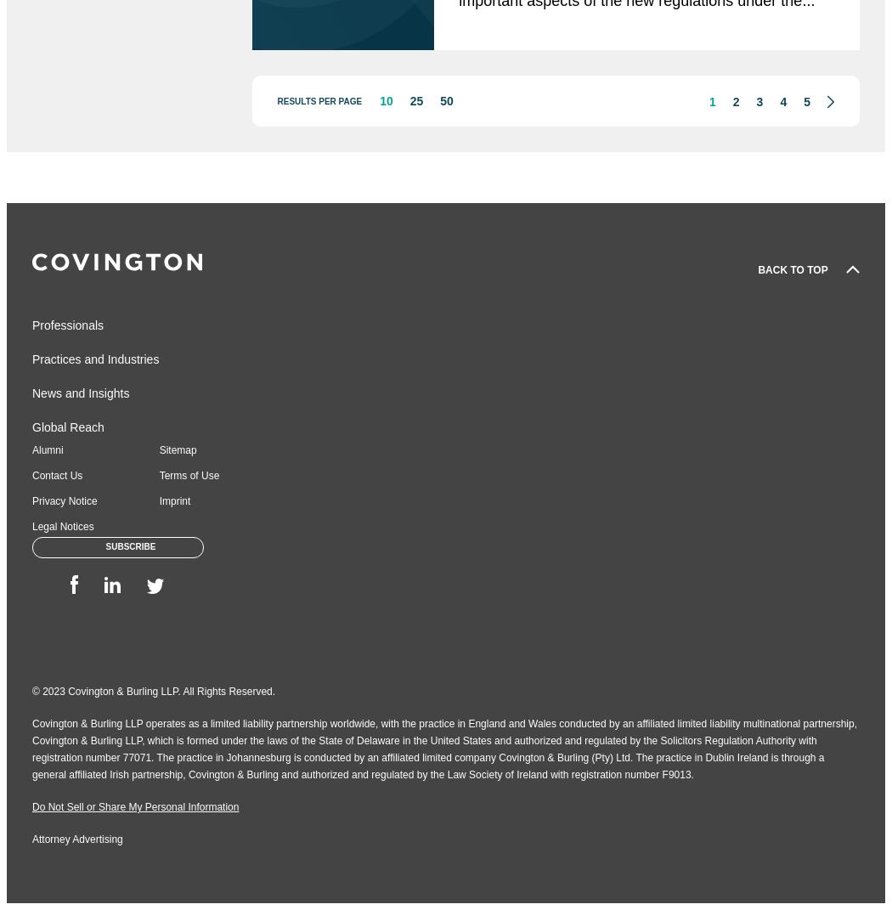 This screenshot has height=910, width=892. Describe the element at coordinates (65, 501) in the screenshot. I see `'Privacy Notice'` at that location.